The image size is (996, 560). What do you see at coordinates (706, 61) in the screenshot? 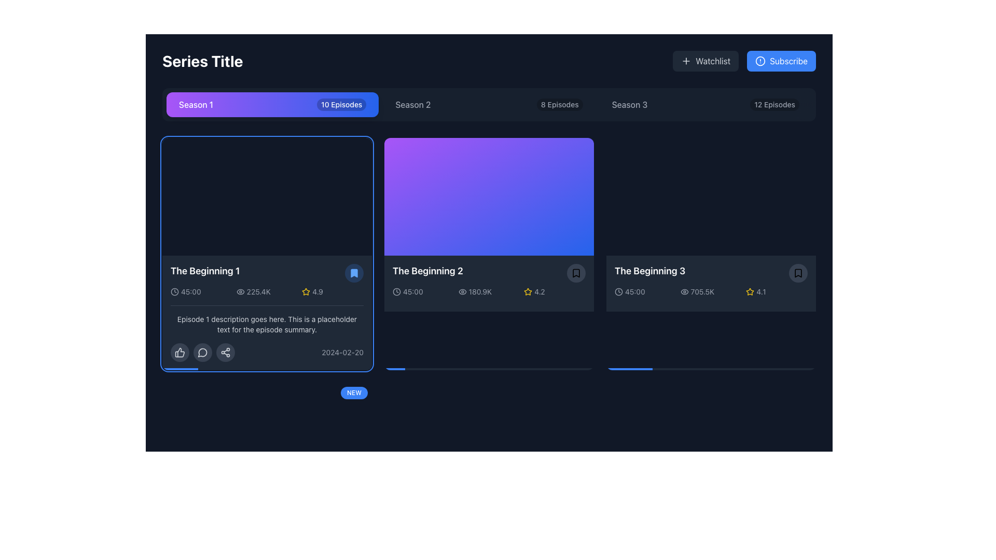
I see `the 'Watchlist' button, which is labeled with a '+' icon and styled in light gray on a dark gray background` at bounding box center [706, 61].